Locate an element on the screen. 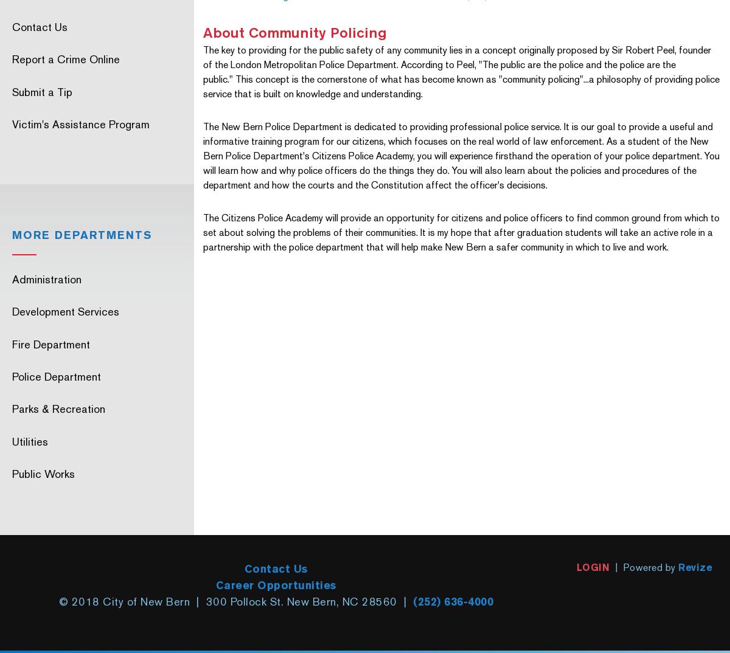 This screenshot has height=653, width=730. 'Utilities' is located at coordinates (30, 441).